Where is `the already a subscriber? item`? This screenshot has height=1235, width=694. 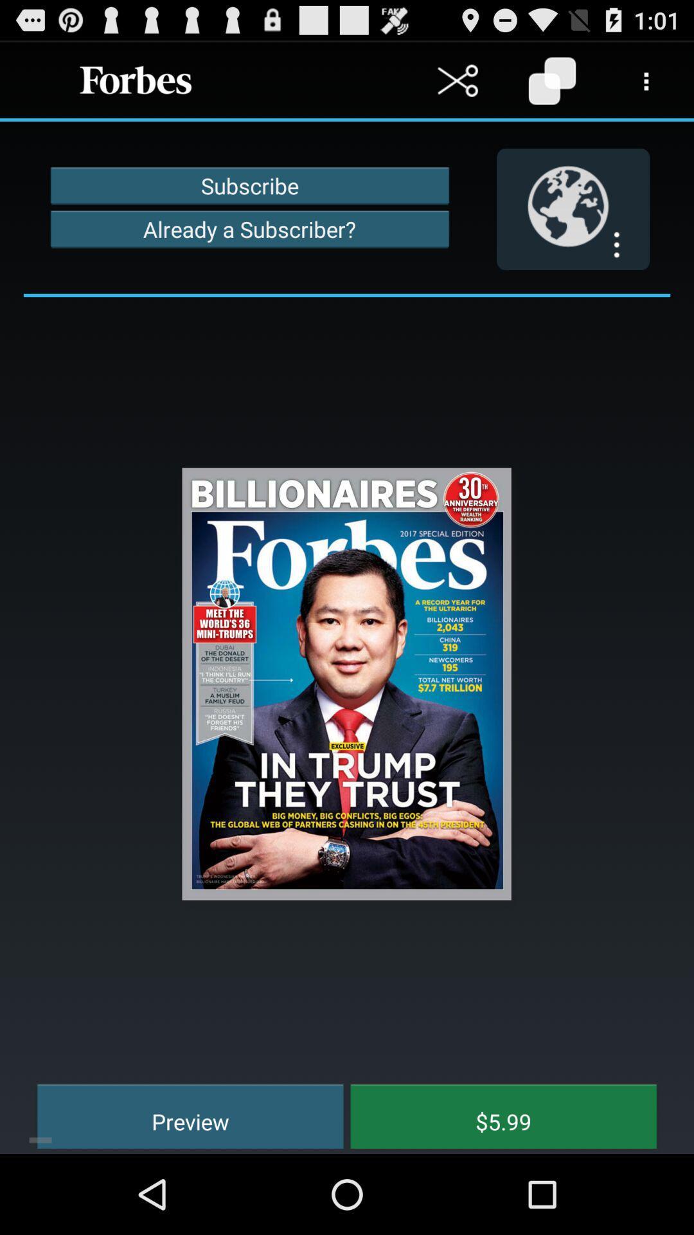
the already a subscriber? item is located at coordinates (249, 229).